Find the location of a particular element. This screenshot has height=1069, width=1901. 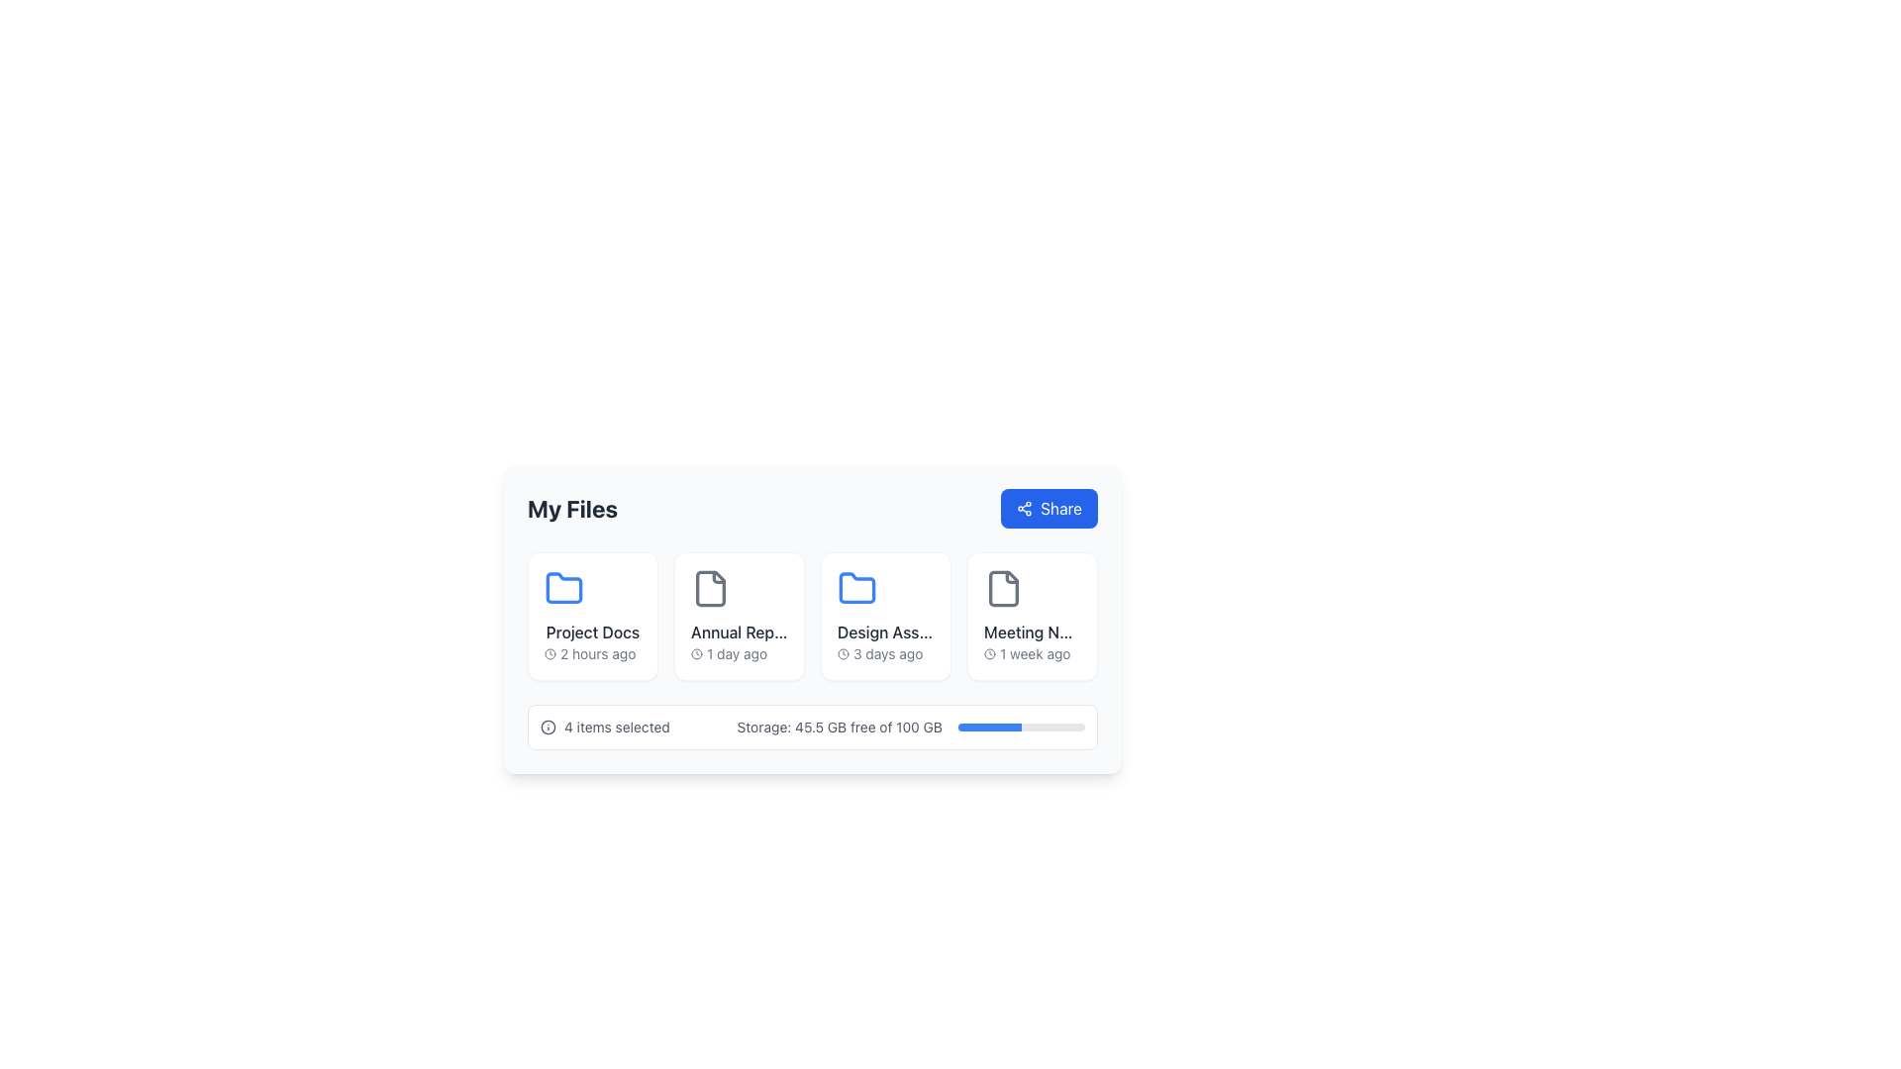

text from the Information summary panel displaying selected items and storage usage details is located at coordinates (812, 728).